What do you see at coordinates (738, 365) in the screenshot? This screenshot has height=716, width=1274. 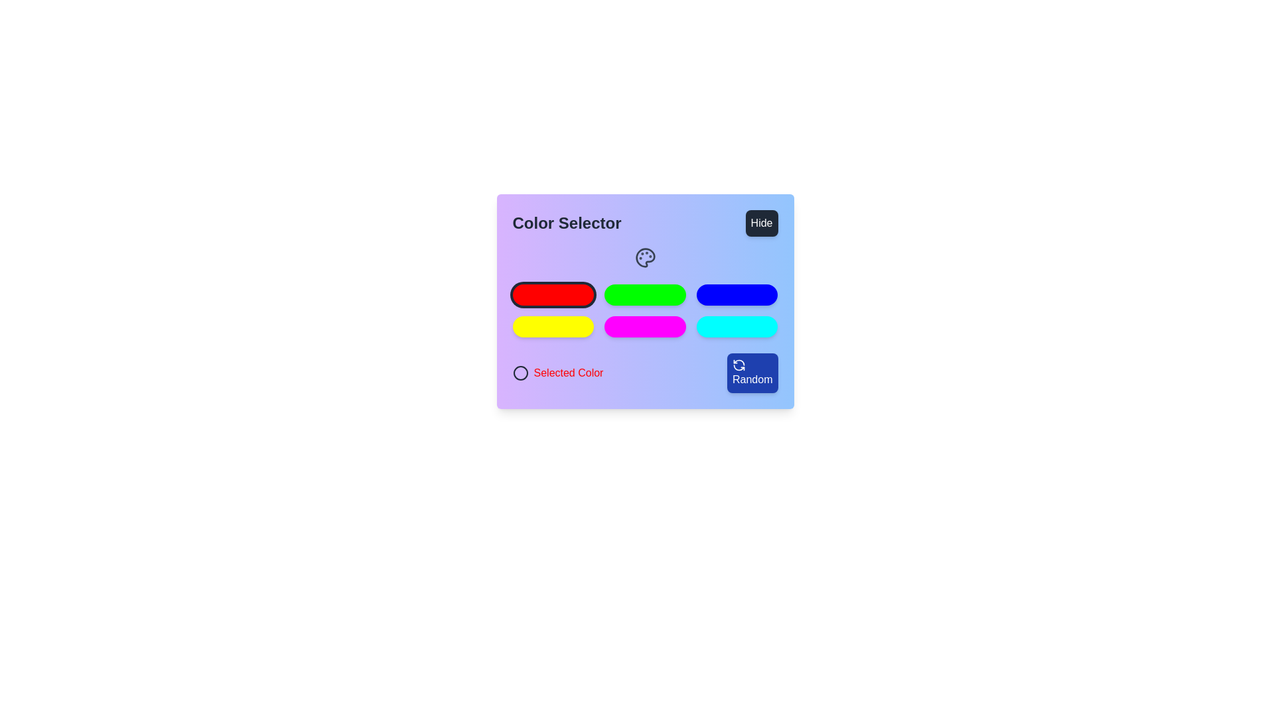 I see `the 'random' icon located within the 'Random' button in the bottom-right corner of the color selection interface` at bounding box center [738, 365].